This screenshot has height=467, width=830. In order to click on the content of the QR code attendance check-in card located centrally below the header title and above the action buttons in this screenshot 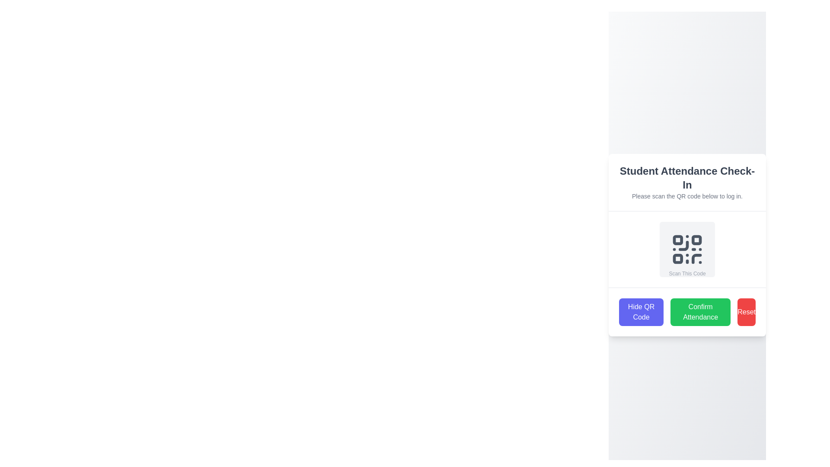, I will do `click(686, 245)`.